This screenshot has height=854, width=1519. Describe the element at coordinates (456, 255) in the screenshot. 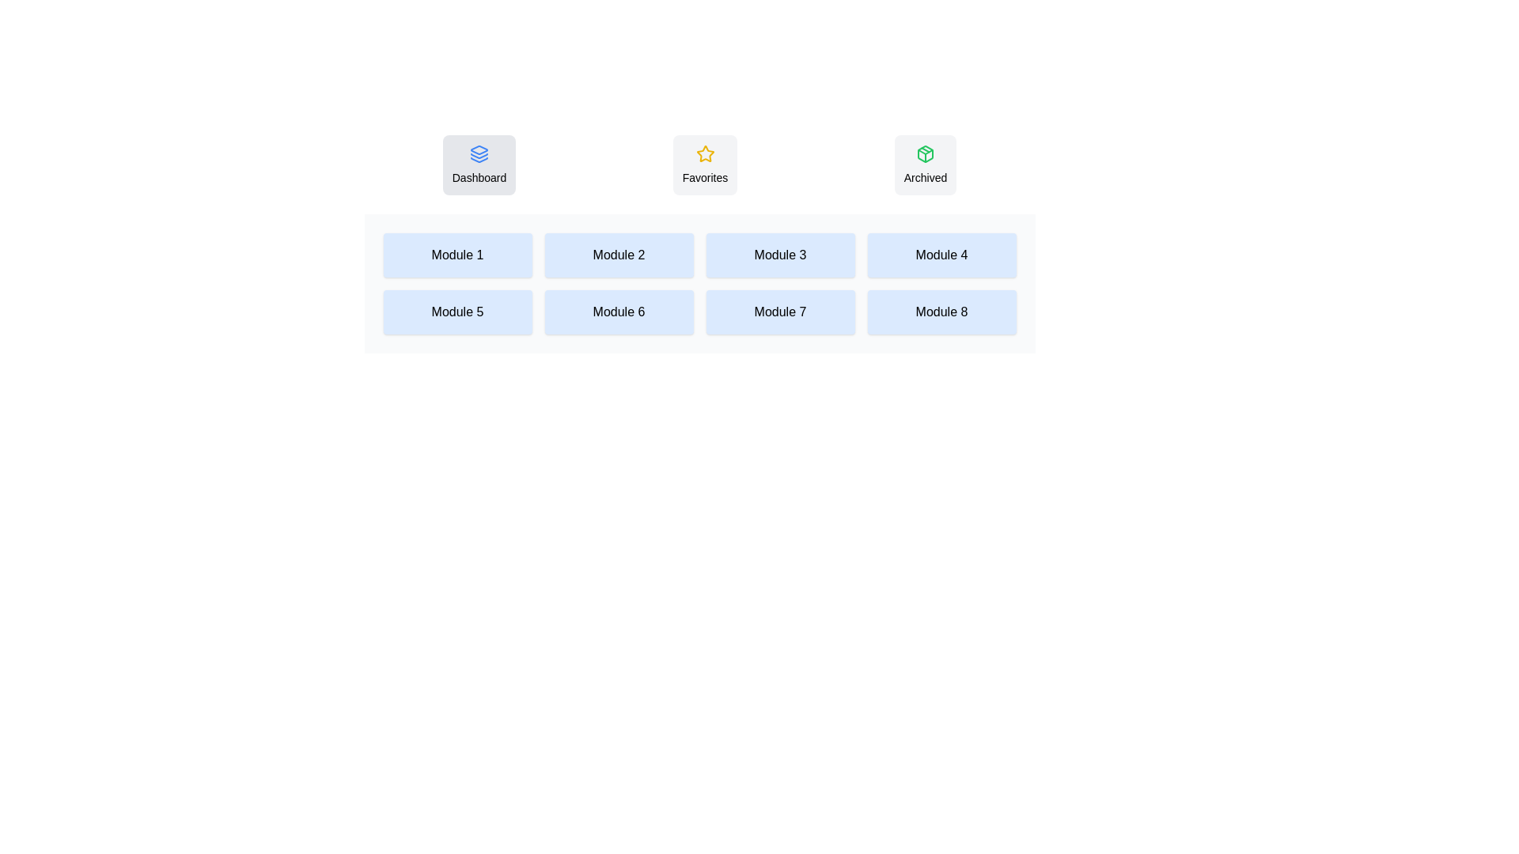

I see `the text 'Module 1' in the Dashboard tab` at that location.